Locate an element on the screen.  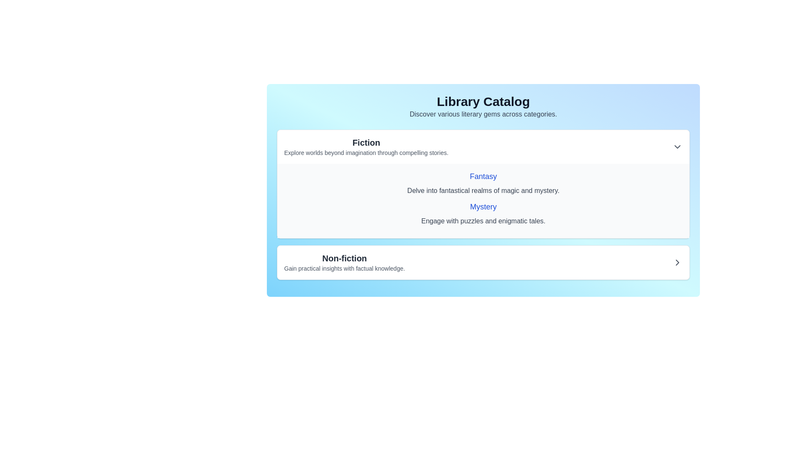
the Categorical Header titled 'Fiction' is located at coordinates (366, 146).